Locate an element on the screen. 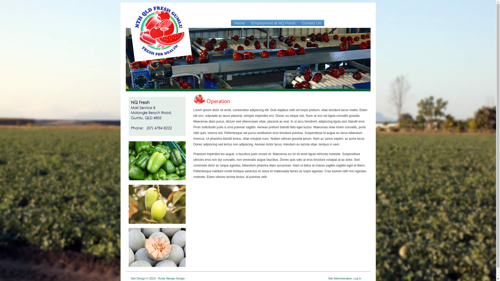  'Log in' is located at coordinates (357, 278).